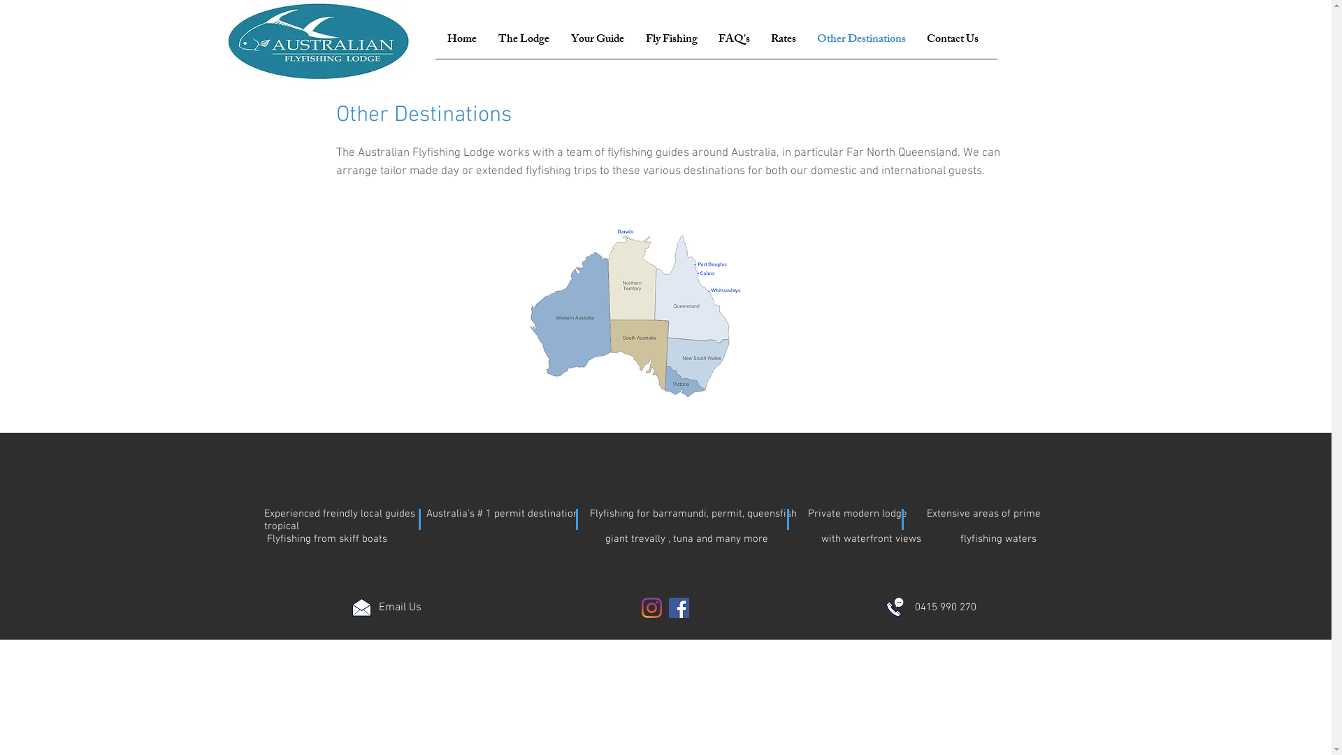 The image size is (1342, 755). Describe the element at coordinates (523, 39) in the screenshot. I see `'The Lodge'` at that location.